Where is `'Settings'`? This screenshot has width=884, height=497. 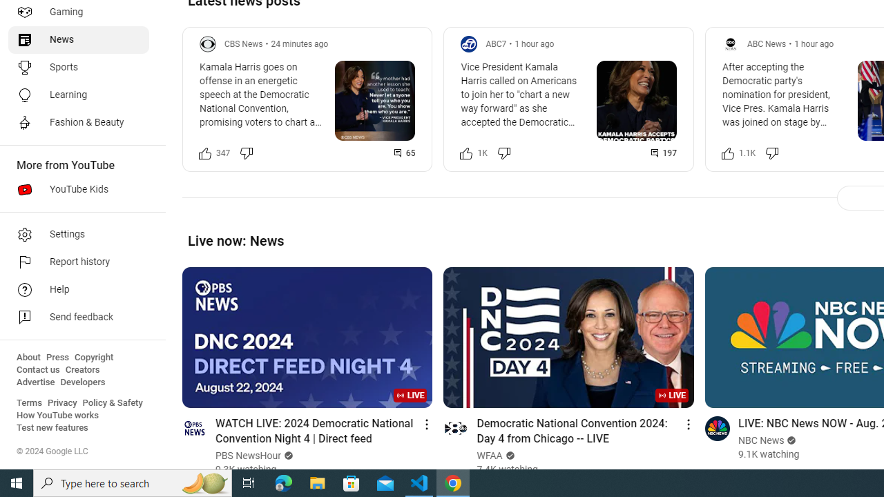
'Settings' is located at coordinates (77, 233).